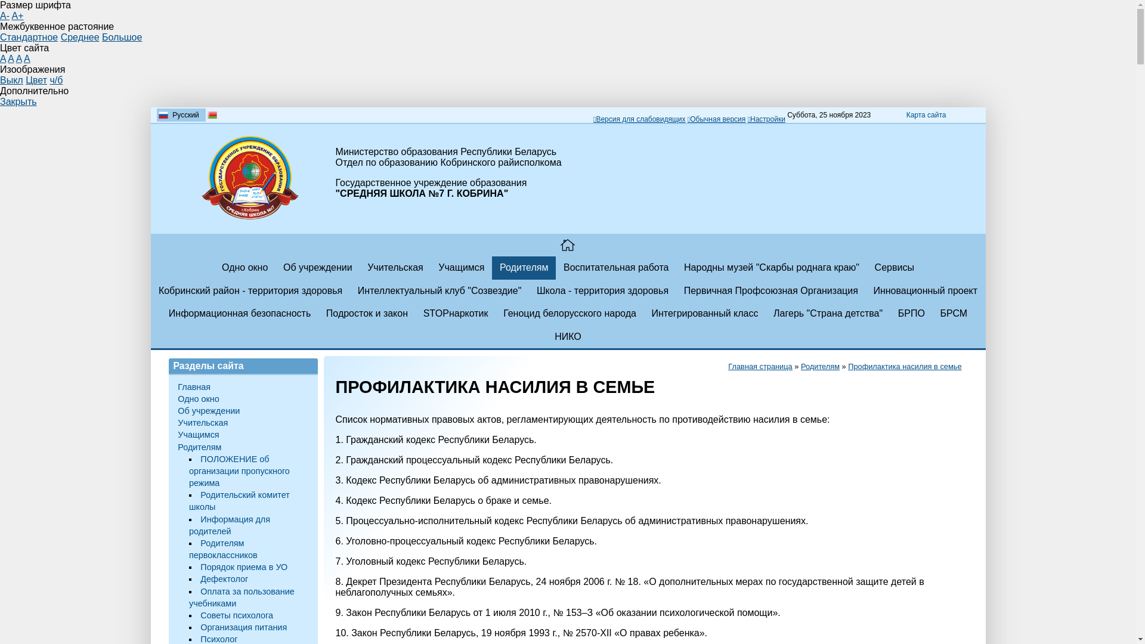 The width and height of the screenshot is (1145, 644). What do you see at coordinates (2, 58) in the screenshot?
I see `'A'` at bounding box center [2, 58].